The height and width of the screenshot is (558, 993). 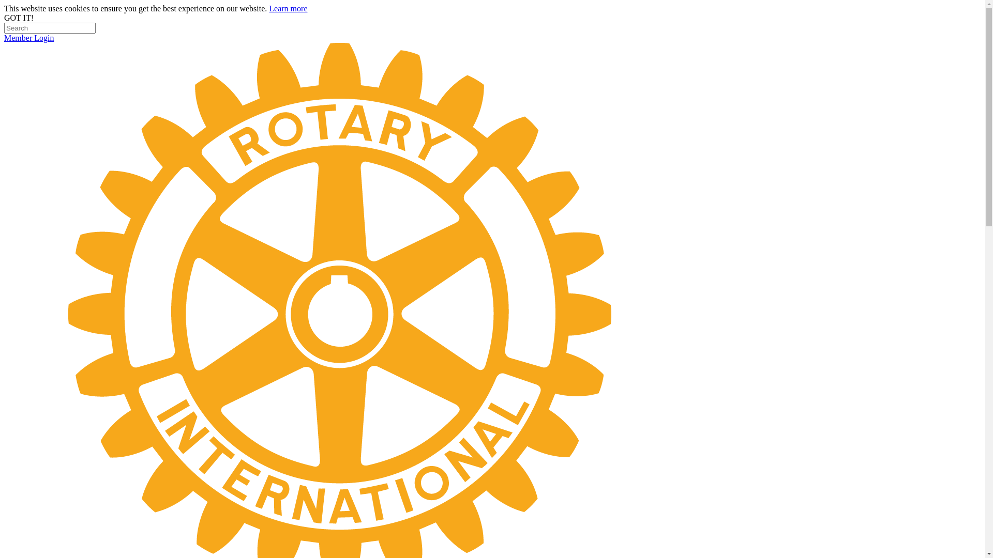 What do you see at coordinates (268, 8) in the screenshot?
I see `'Learn more'` at bounding box center [268, 8].